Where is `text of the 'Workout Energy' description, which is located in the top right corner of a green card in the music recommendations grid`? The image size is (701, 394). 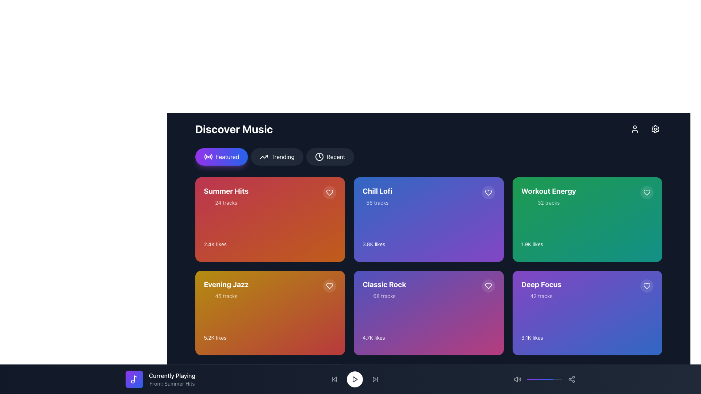
text of the 'Workout Energy' description, which is located in the top right corner of a green card in the music recommendations grid is located at coordinates (548, 196).